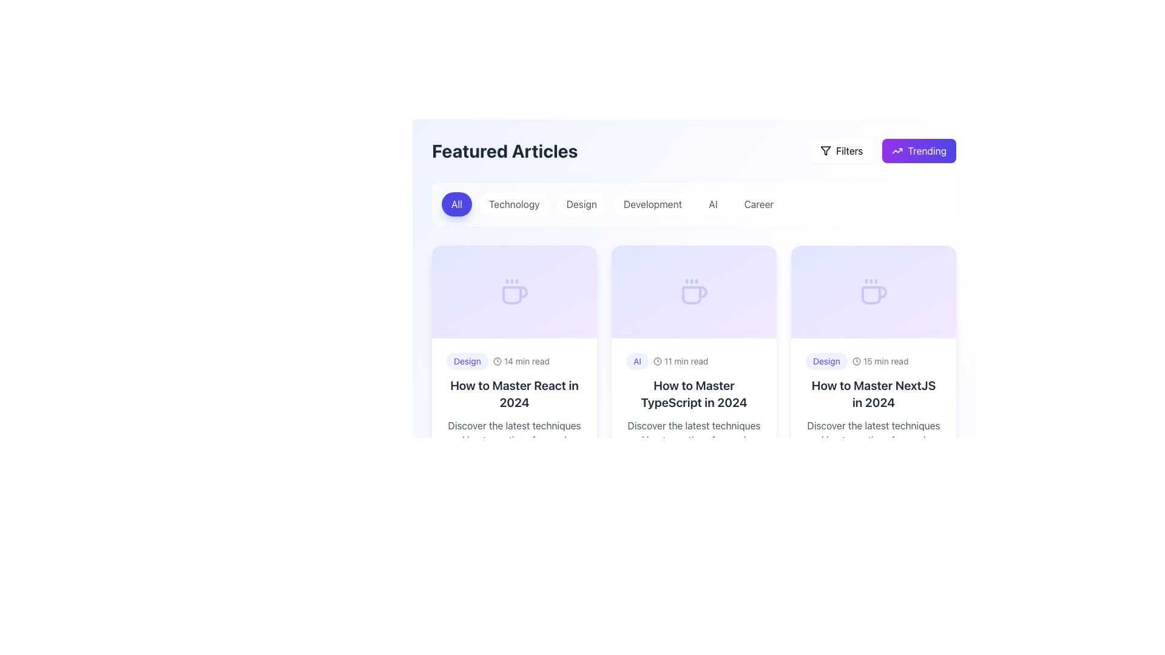 This screenshot has width=1165, height=655. Describe the element at coordinates (497, 361) in the screenshot. I see `the non-interactive estimated reading time icon that precedes the '14 min read' label in the card titled 'How to Master React in 2024.'` at that location.